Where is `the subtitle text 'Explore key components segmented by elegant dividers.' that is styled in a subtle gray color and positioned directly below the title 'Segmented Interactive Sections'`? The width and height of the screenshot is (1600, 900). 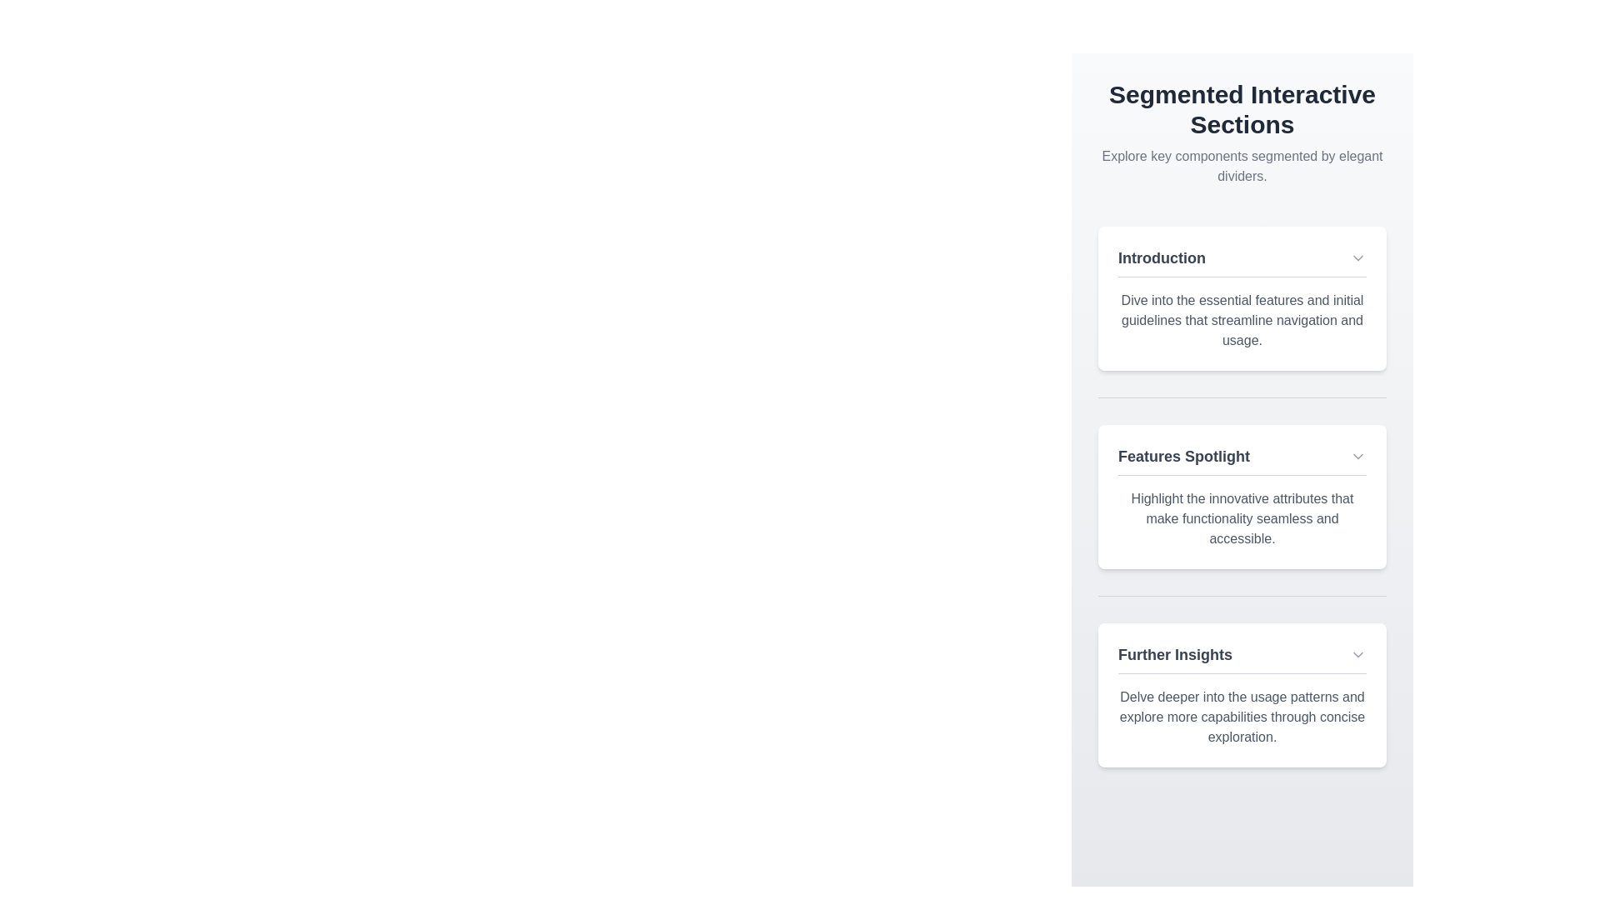
the subtitle text 'Explore key components segmented by elegant dividers.' that is styled in a subtle gray color and positioned directly below the title 'Segmented Interactive Sections' is located at coordinates (1242, 167).